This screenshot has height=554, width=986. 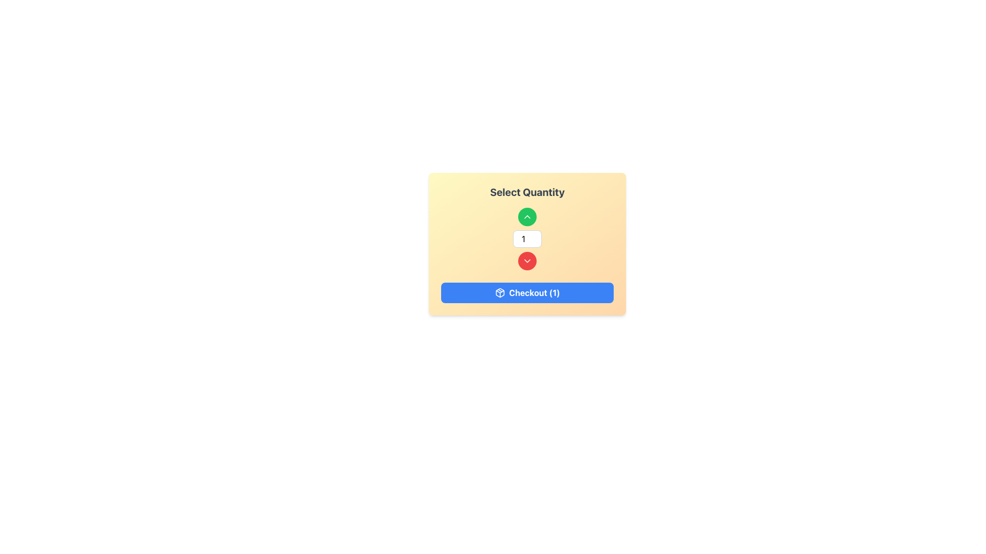 I want to click on the increment button located above the numeric input field to increase the quantity, so click(x=527, y=216).